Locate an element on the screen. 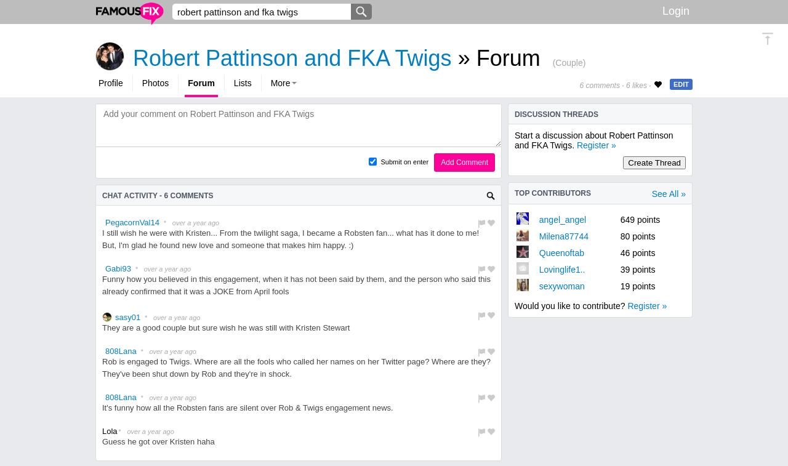  'Add Comment' is located at coordinates (464, 161).